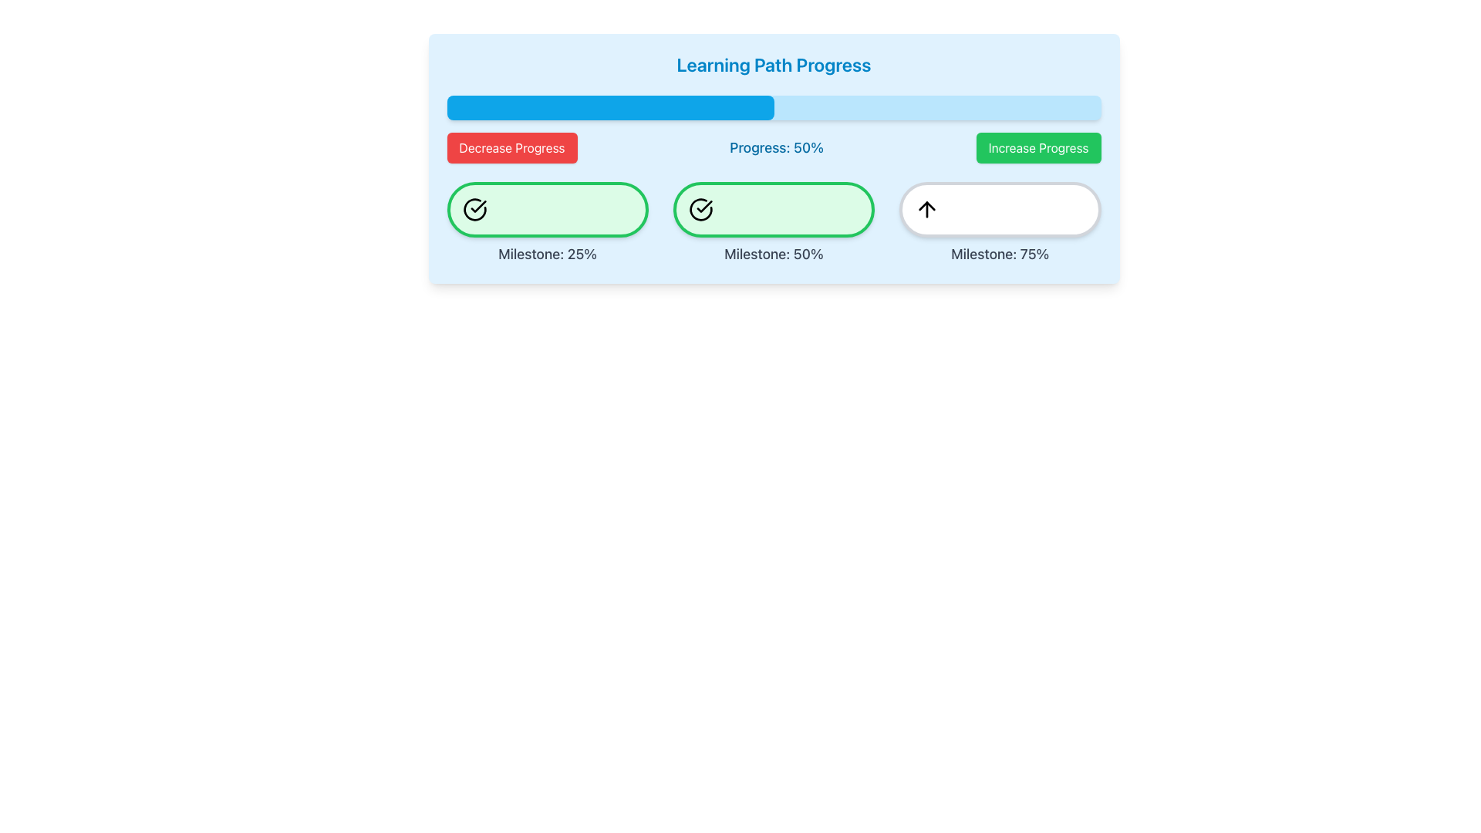  I want to click on the Progress milestone indicator located centrally underneath the progress bar, representing the 50% milestone, so click(774, 210).